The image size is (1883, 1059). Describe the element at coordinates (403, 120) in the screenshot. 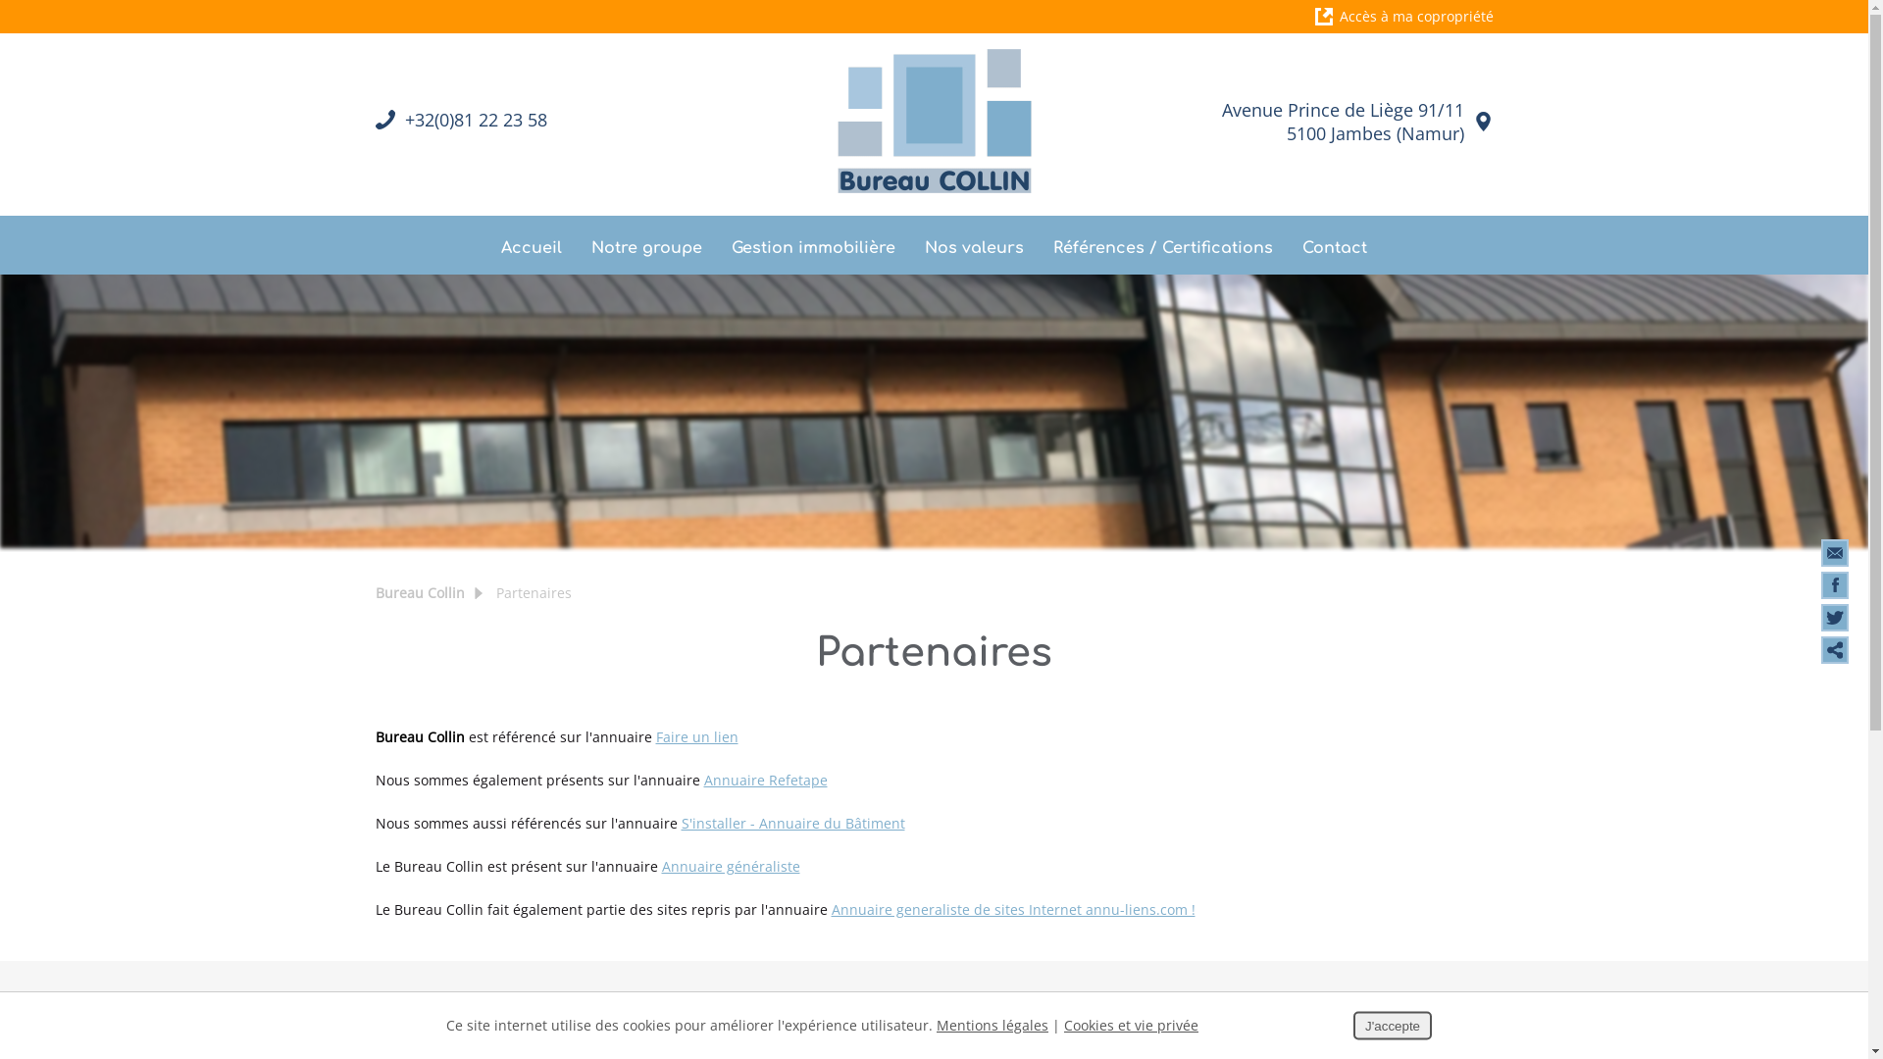

I see `'+32(0)81 22 23 58'` at that location.